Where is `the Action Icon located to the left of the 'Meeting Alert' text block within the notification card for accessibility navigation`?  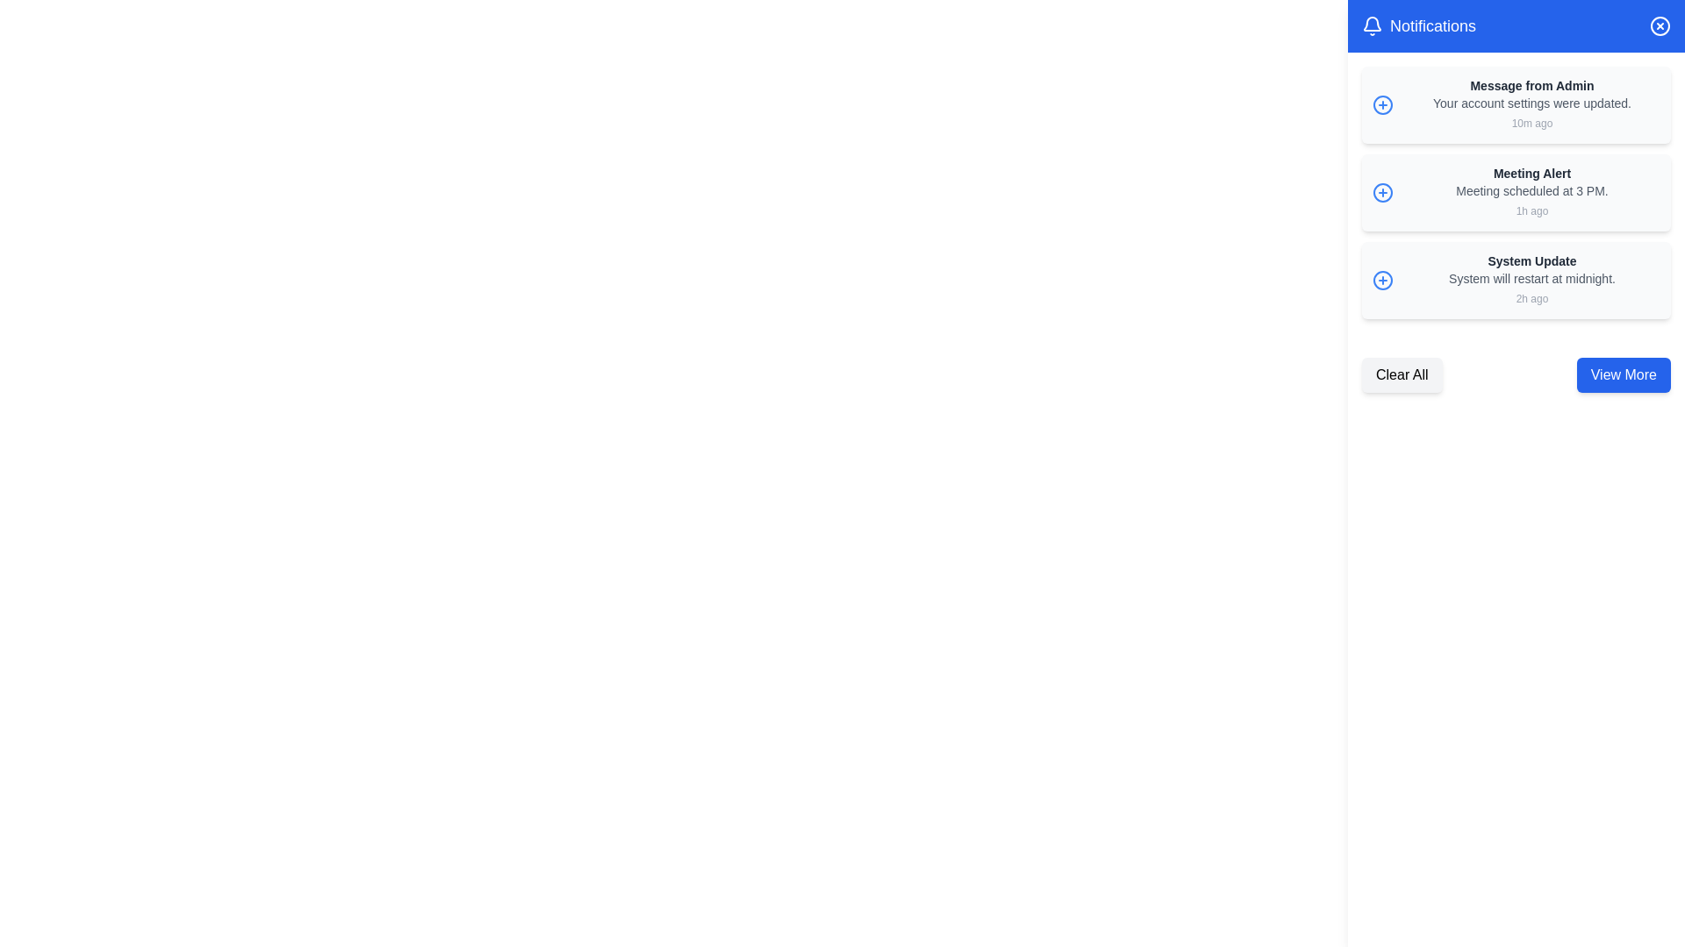 the Action Icon located to the left of the 'Meeting Alert' text block within the notification card for accessibility navigation is located at coordinates (1381, 192).